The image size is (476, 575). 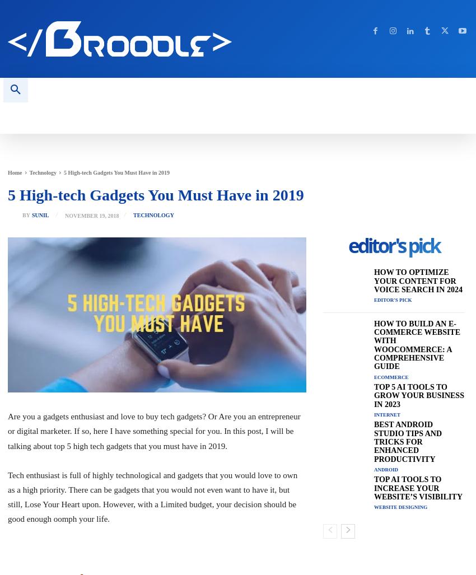 I want to click on 'Are you a gadgets enthusiast and love to buy tech gadgets? Or Are you an entrepreneur or digital marketer. If so, here I have something special for you. In this post, I will be talking about top 5 high tech gadgets that you must have in 2019.', so click(x=153, y=431).